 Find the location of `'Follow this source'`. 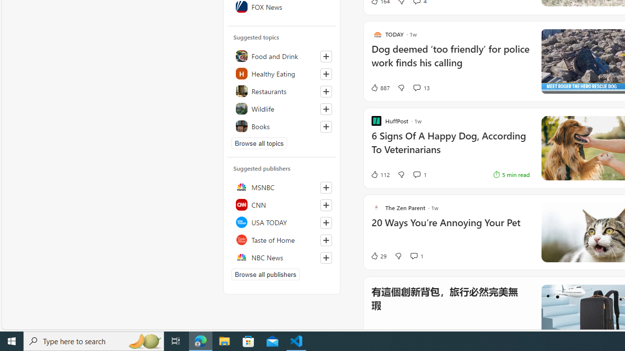

'Follow this source' is located at coordinates (326, 257).